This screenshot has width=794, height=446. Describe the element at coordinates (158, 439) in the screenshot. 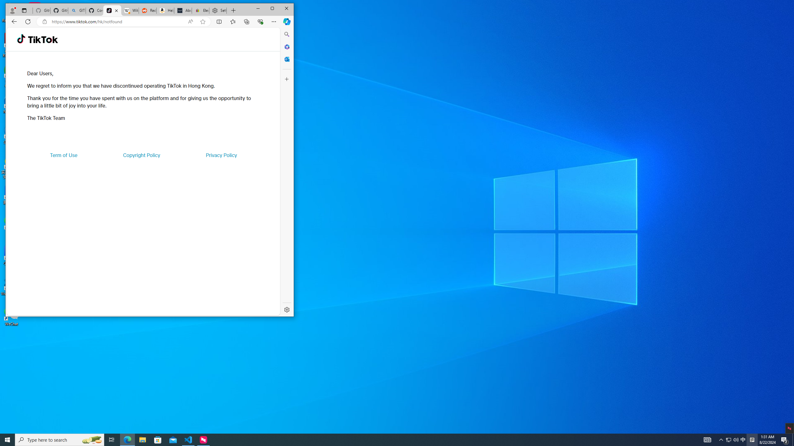

I see `'Microsoft Store'` at that location.